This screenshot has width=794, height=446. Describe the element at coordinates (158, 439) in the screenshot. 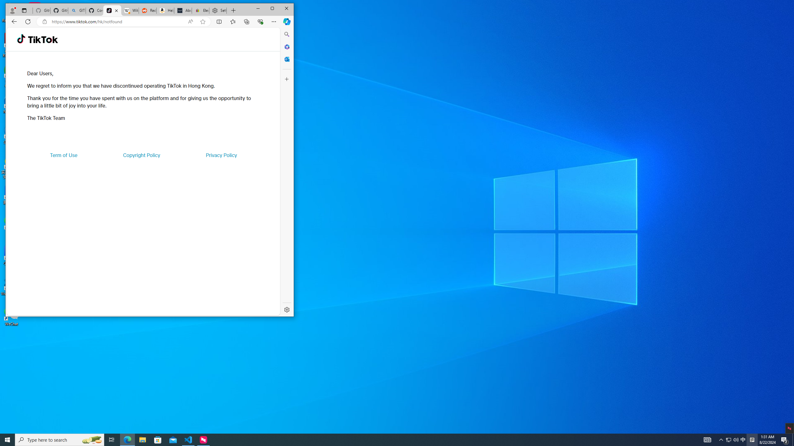

I see `'Microsoft Store'` at that location.